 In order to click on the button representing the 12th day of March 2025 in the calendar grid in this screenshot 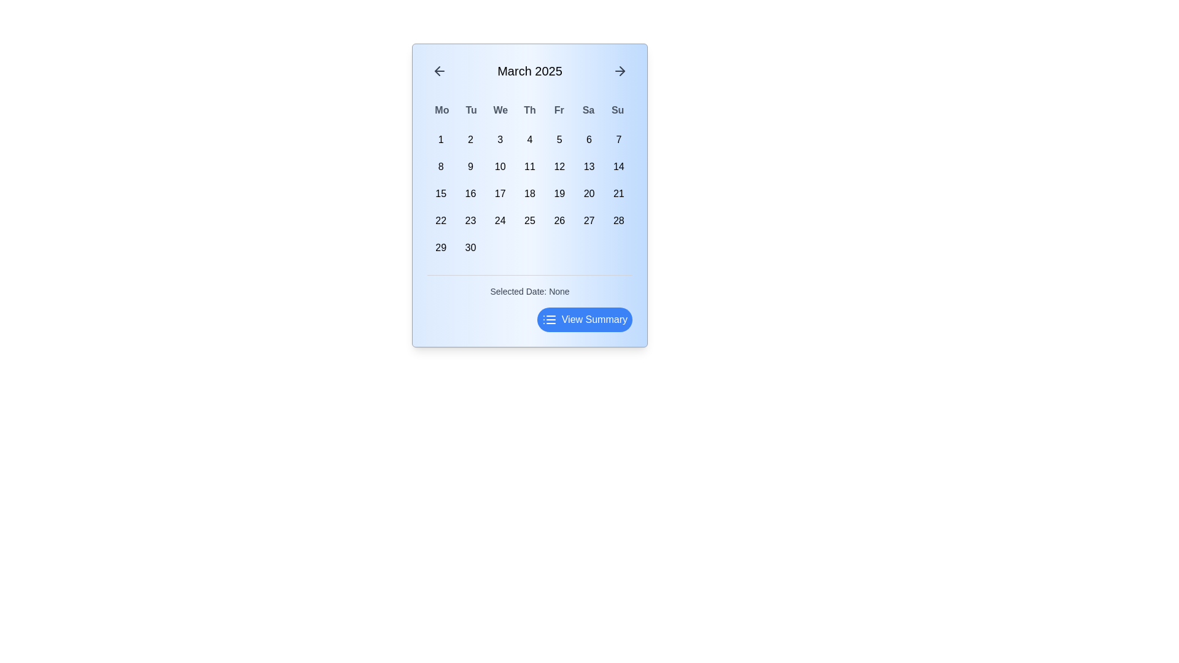, I will do `click(559, 167)`.